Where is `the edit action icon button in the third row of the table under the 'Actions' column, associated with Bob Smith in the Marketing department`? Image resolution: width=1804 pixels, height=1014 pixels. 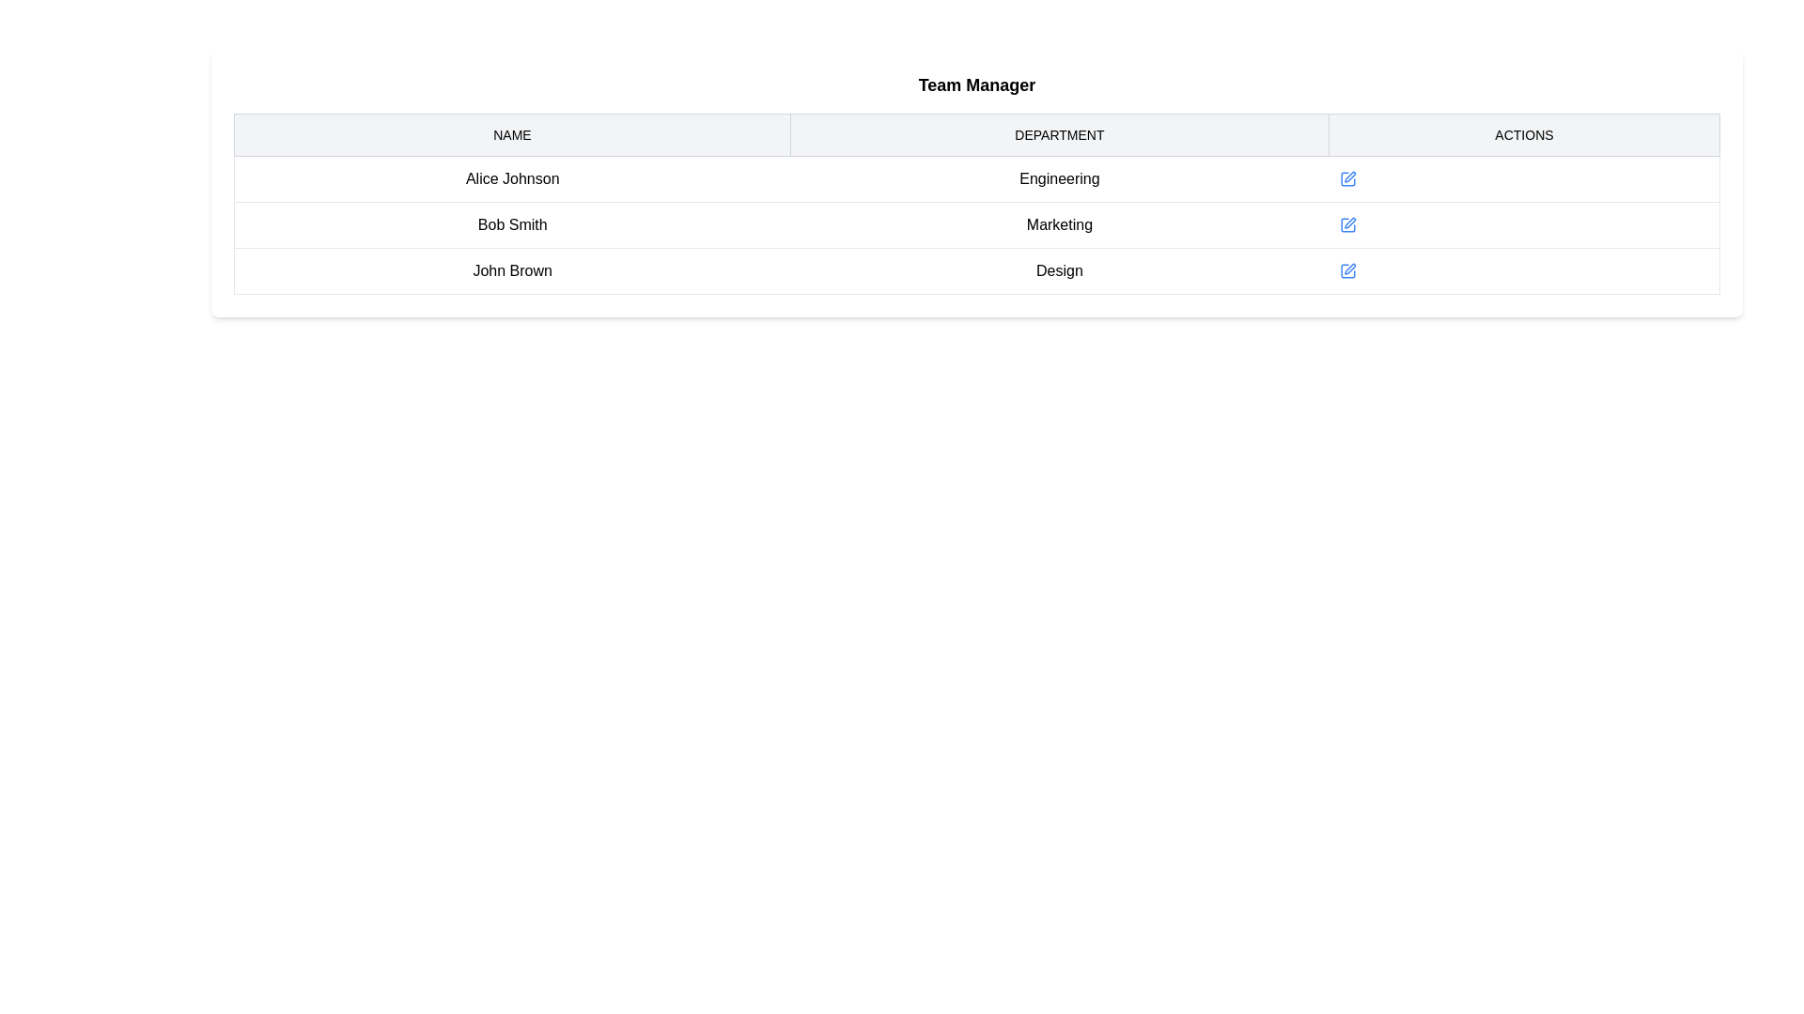
the edit action icon button in the third row of the table under the 'Actions' column, associated with Bob Smith in the Marketing department is located at coordinates (1349, 222).